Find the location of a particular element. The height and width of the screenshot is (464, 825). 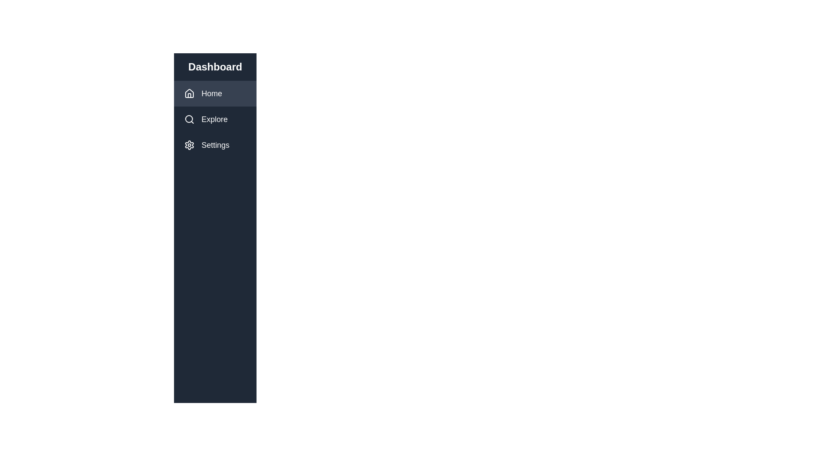

the 'Home' button, which is the first button in the vertical navigation menu is located at coordinates (215, 94).